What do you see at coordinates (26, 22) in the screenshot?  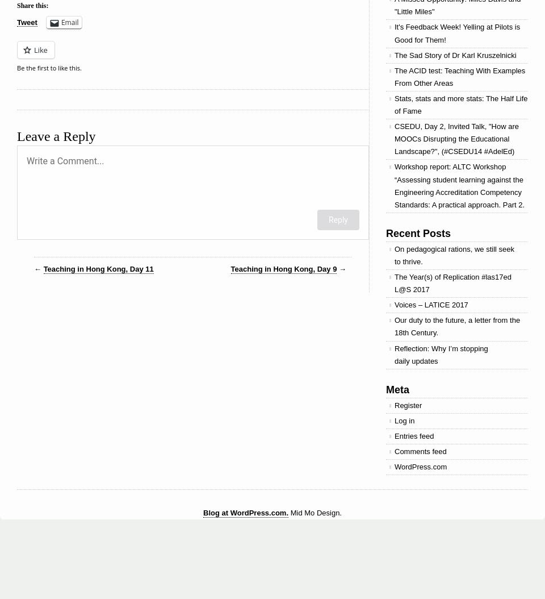 I see `'Tweet'` at bounding box center [26, 22].